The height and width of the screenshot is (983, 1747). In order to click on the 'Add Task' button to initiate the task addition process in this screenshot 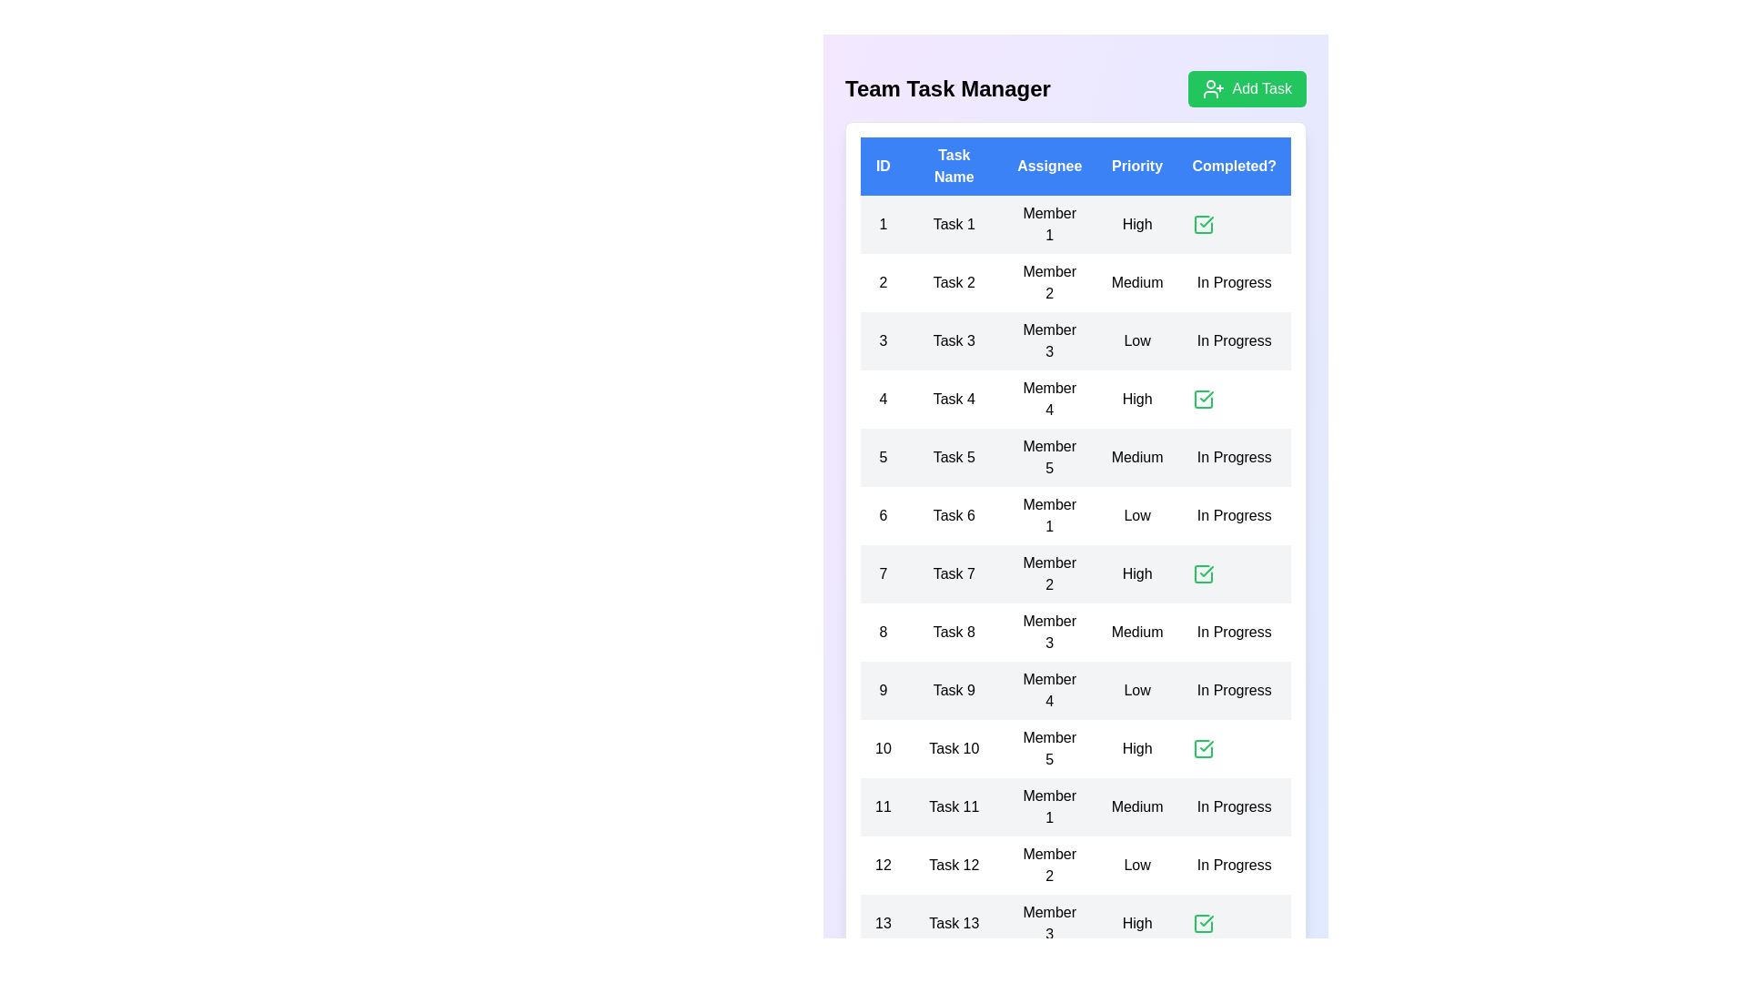, I will do `click(1247, 88)`.